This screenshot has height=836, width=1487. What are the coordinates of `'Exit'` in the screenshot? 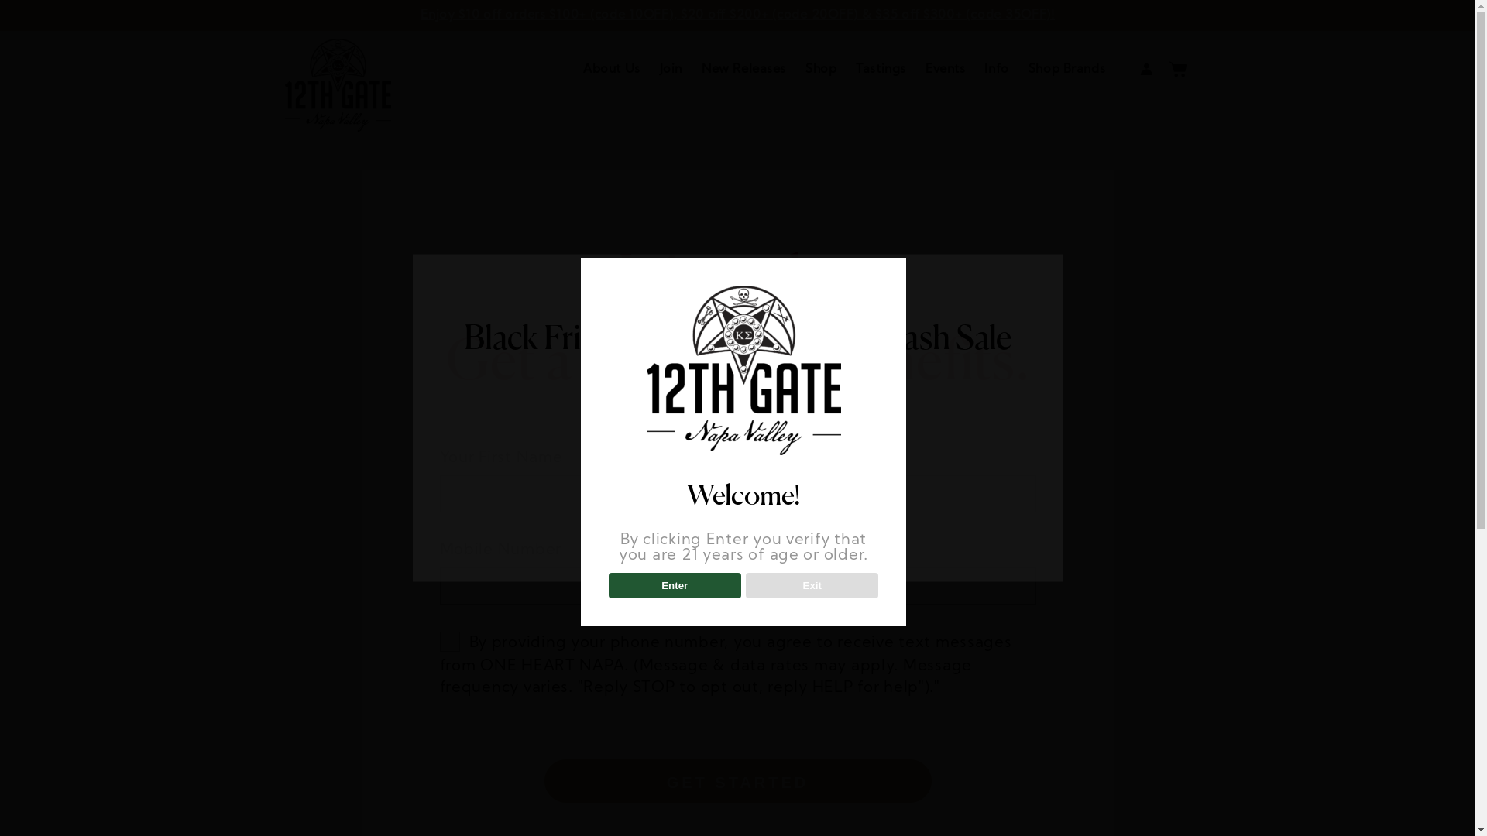 It's located at (811, 585).